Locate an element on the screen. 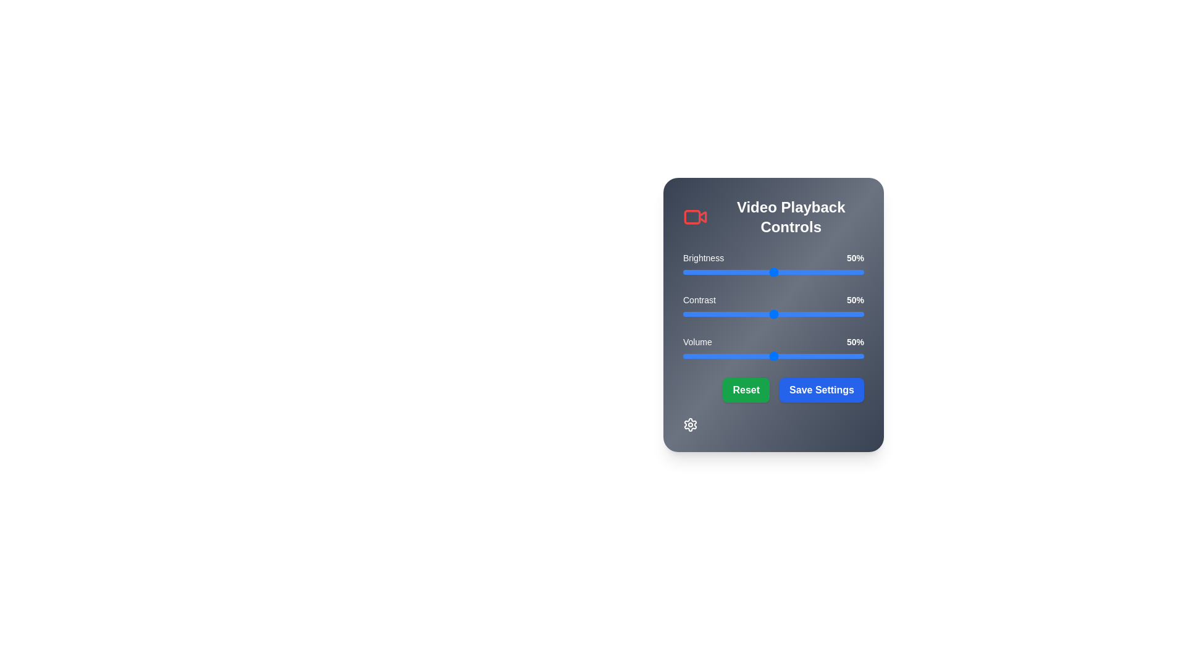  the 'Reset' button located in the button group at the bottom right of the 'Video Playback Controls' card to revert settings is located at coordinates (773, 390).